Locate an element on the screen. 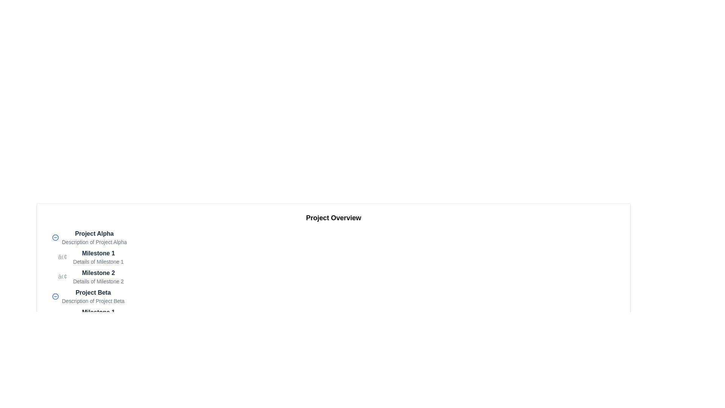 This screenshot has height=408, width=725. text label that serves as a description for the heading 'Project Alpha', located in the upper section of a hierarchical list view is located at coordinates (94, 242).